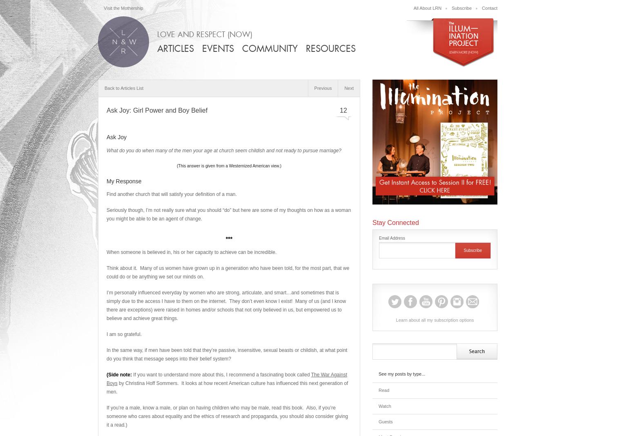 This screenshot has height=436, width=633. What do you see at coordinates (379, 237) in the screenshot?
I see `'Email Address'` at bounding box center [379, 237].